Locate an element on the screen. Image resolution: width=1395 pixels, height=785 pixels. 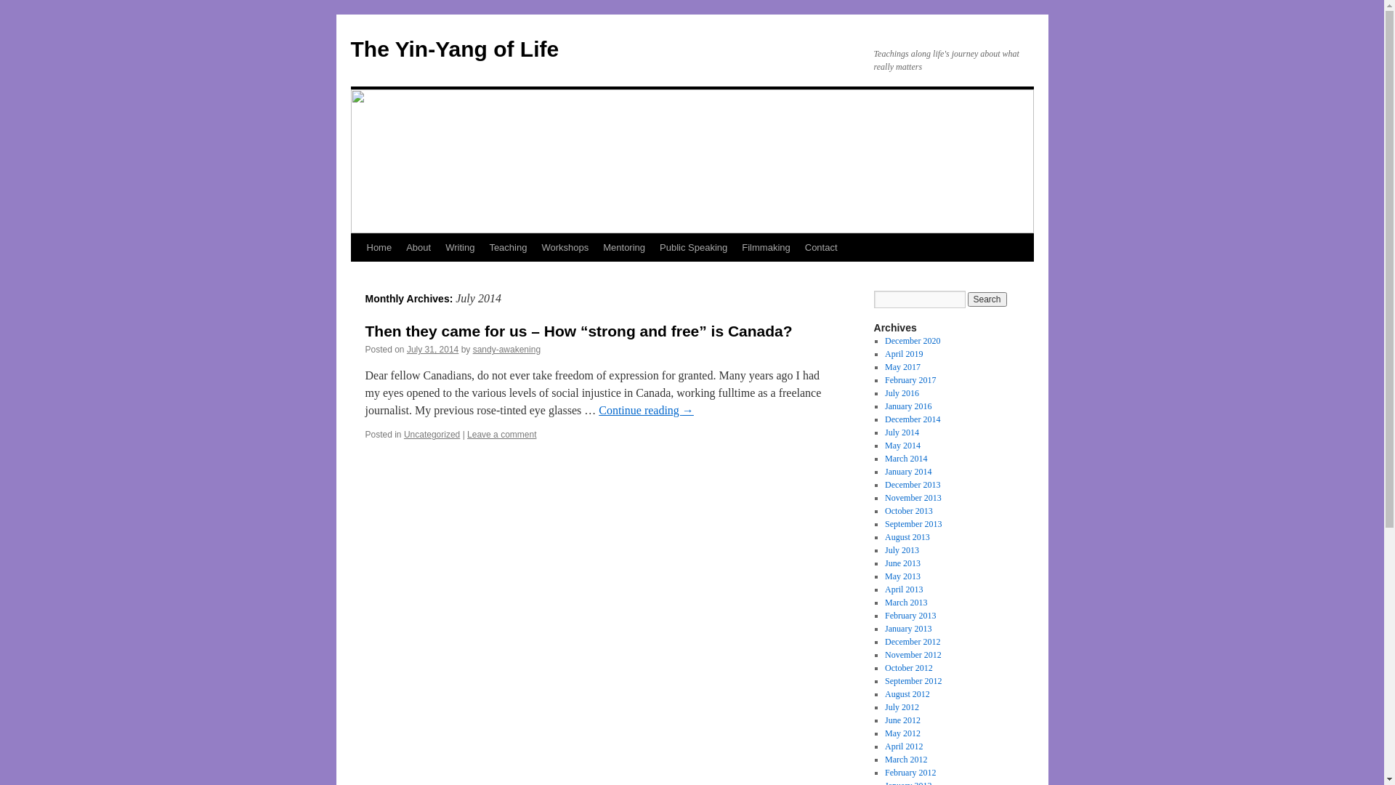
'June 2012' is located at coordinates (902, 720).